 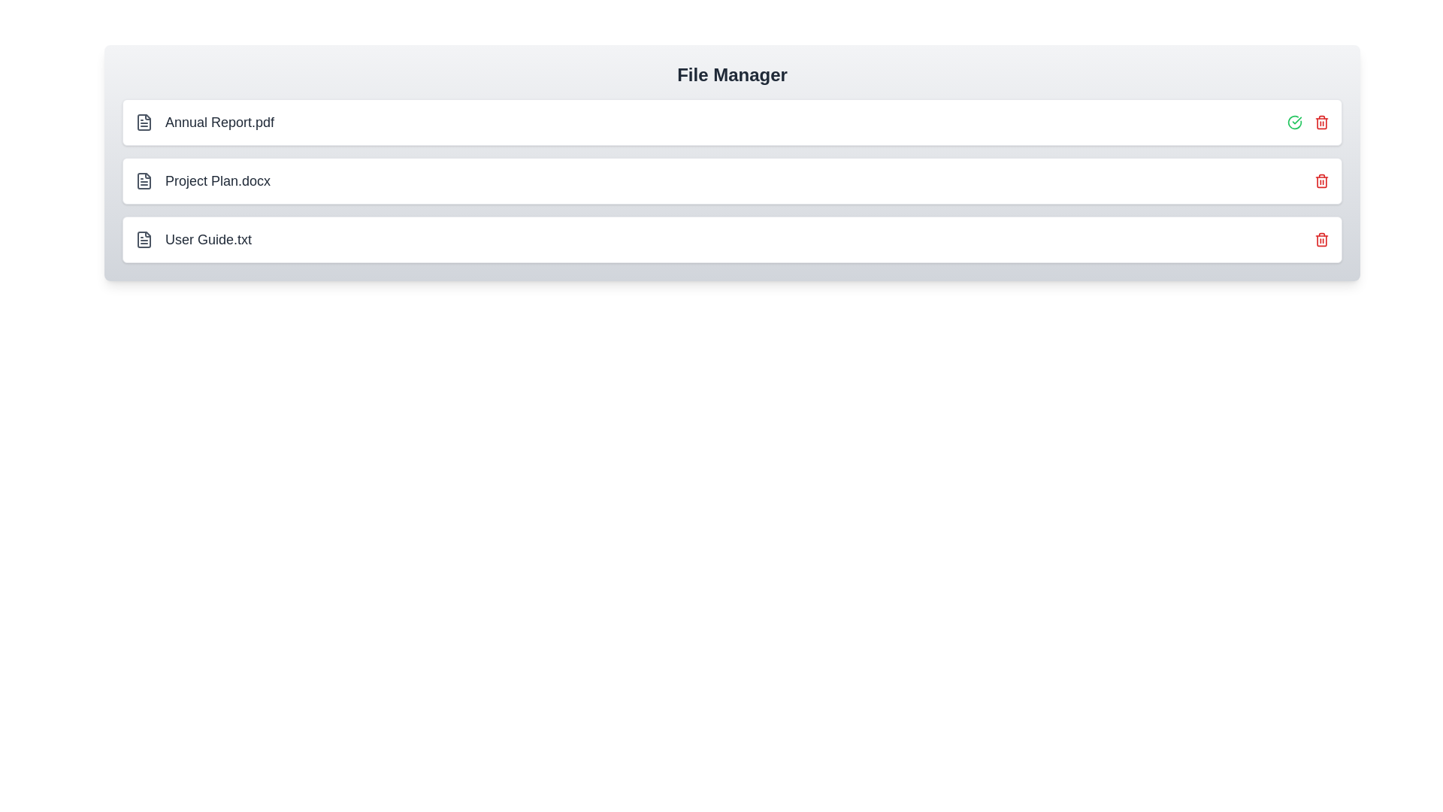 I want to click on the static text label displaying the file name 'Project Plan.docx', which is the second item in a list of three file entries in a file management interface, so click(x=217, y=180).